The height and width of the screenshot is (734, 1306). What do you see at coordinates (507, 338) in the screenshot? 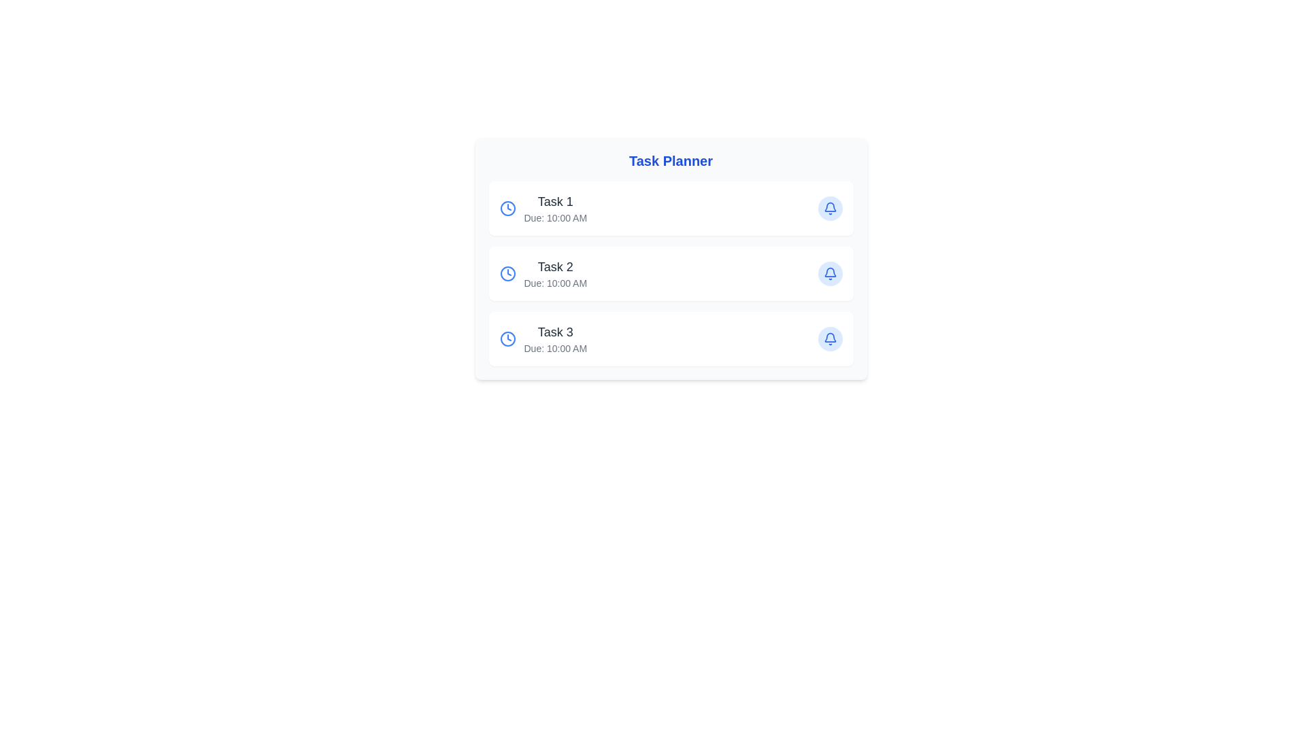
I see `the SVG circle element representing the due time in the Task Planner interface, located to the left of the 'Task 3' label` at bounding box center [507, 338].